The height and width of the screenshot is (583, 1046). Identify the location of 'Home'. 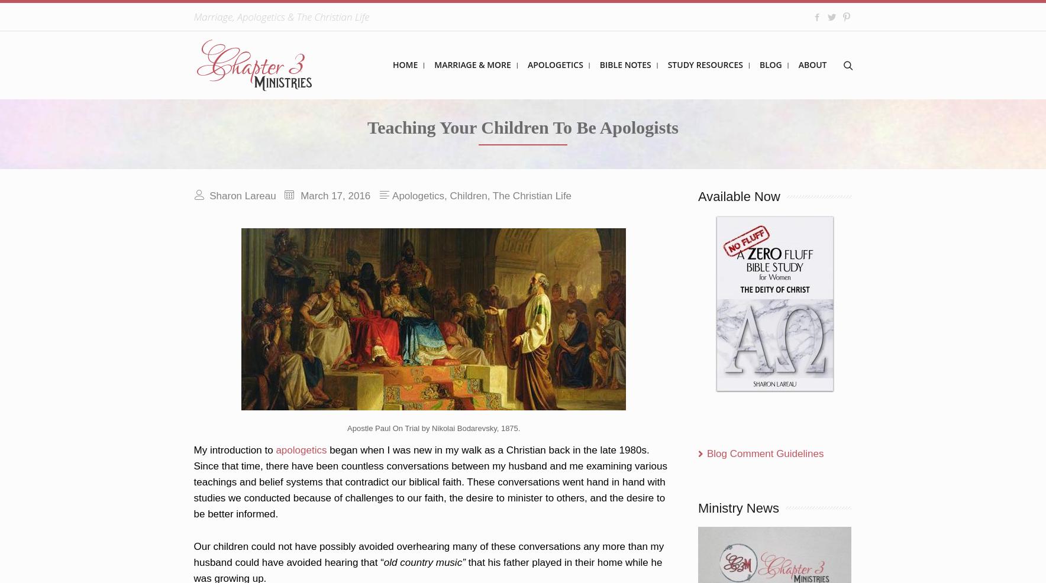
(405, 64).